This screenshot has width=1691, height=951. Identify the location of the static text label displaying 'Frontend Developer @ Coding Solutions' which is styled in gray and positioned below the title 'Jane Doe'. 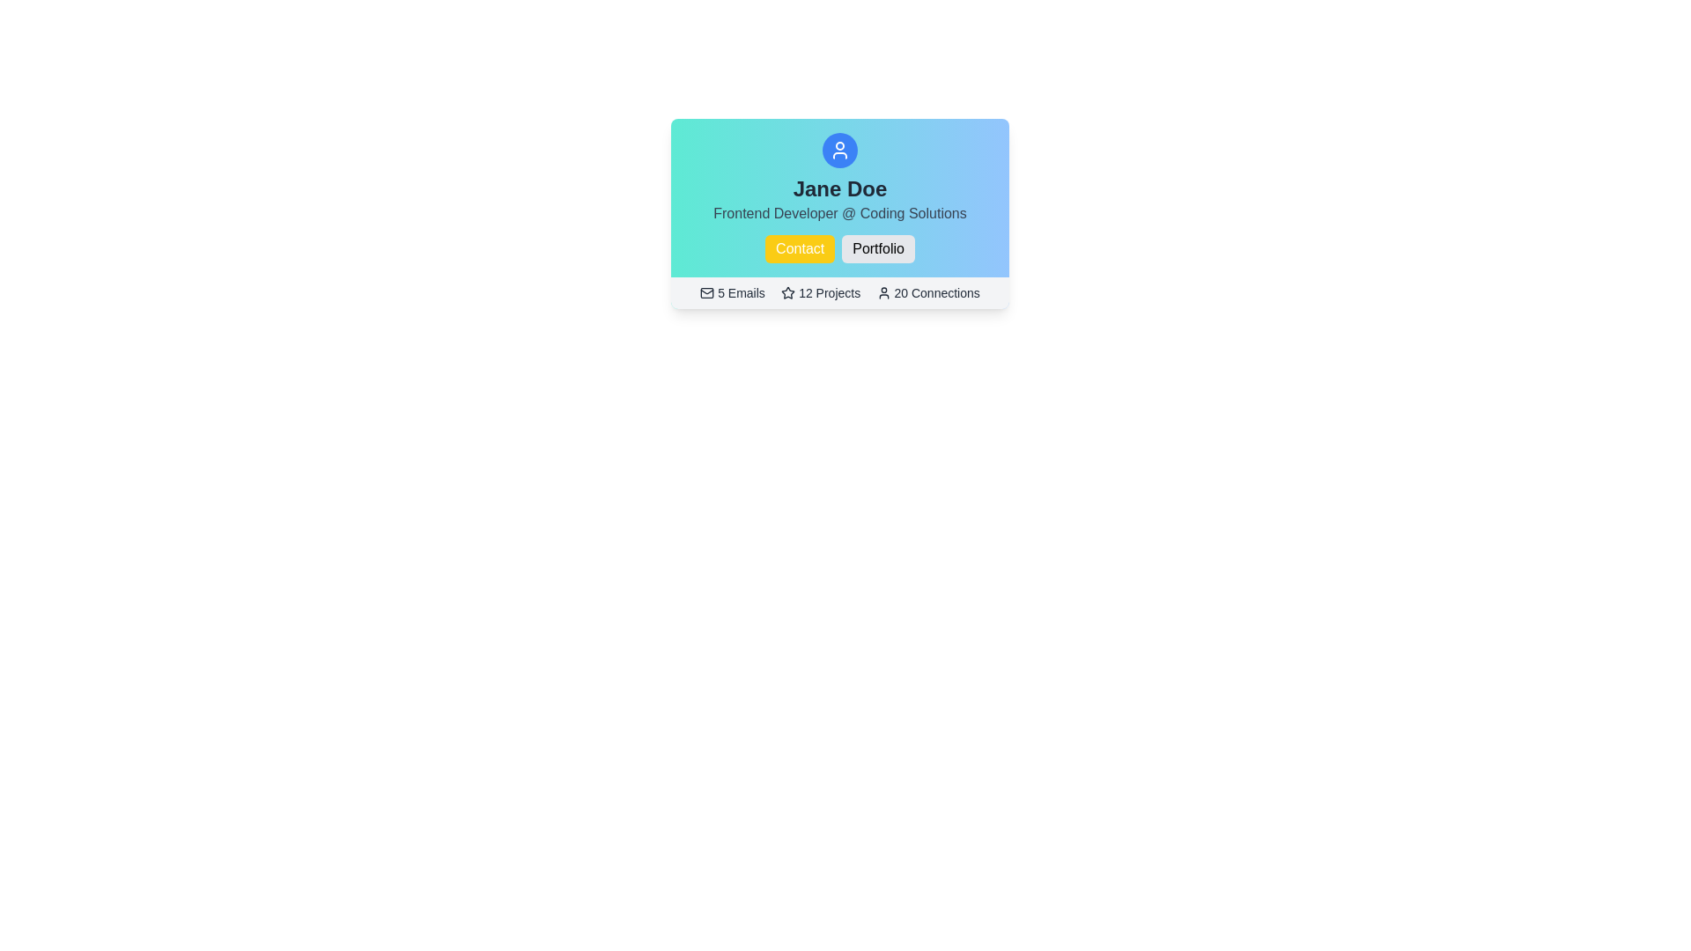
(839, 213).